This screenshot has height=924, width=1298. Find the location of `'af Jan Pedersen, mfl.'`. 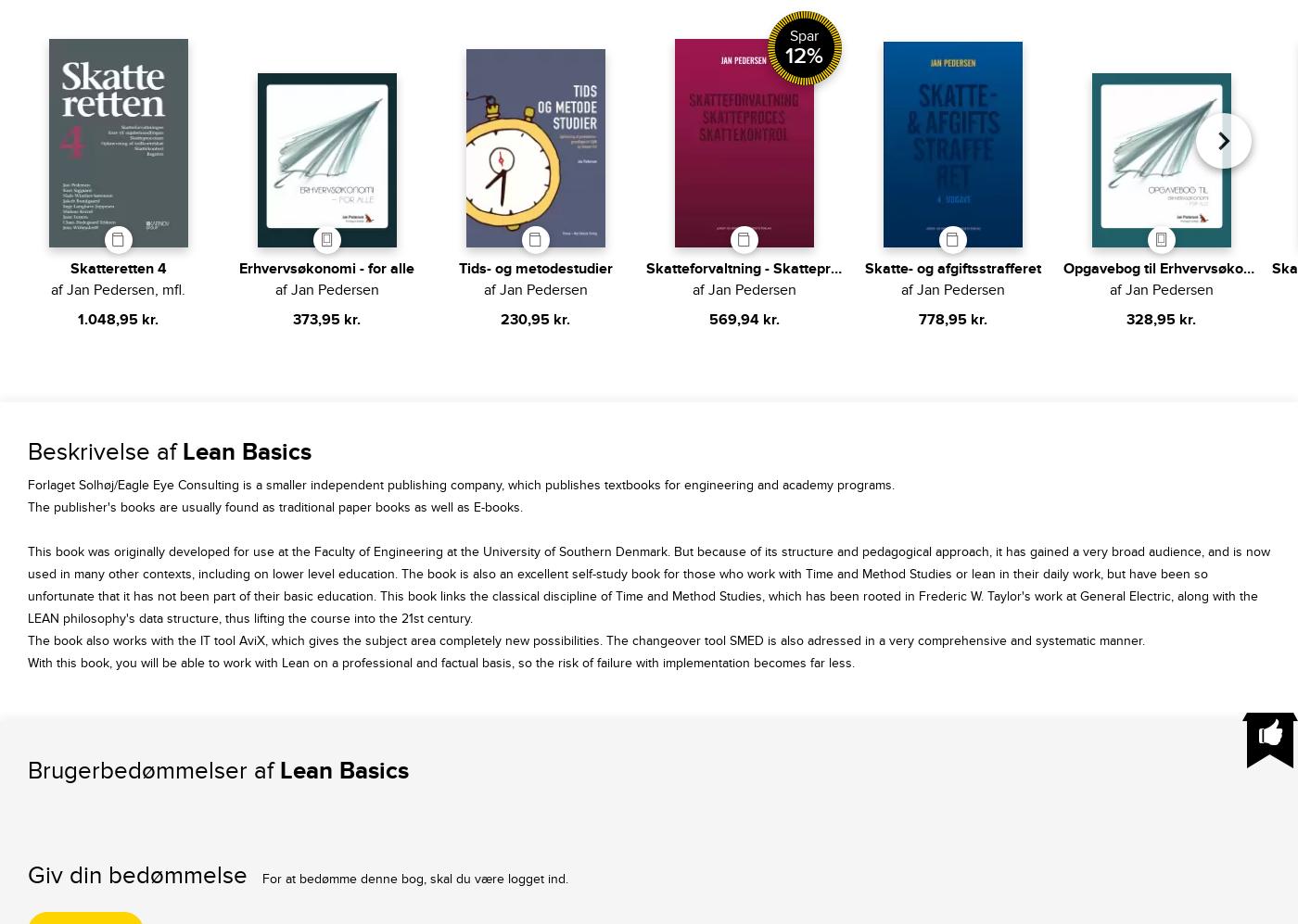

'af Jan Pedersen, mfl.' is located at coordinates (118, 288).